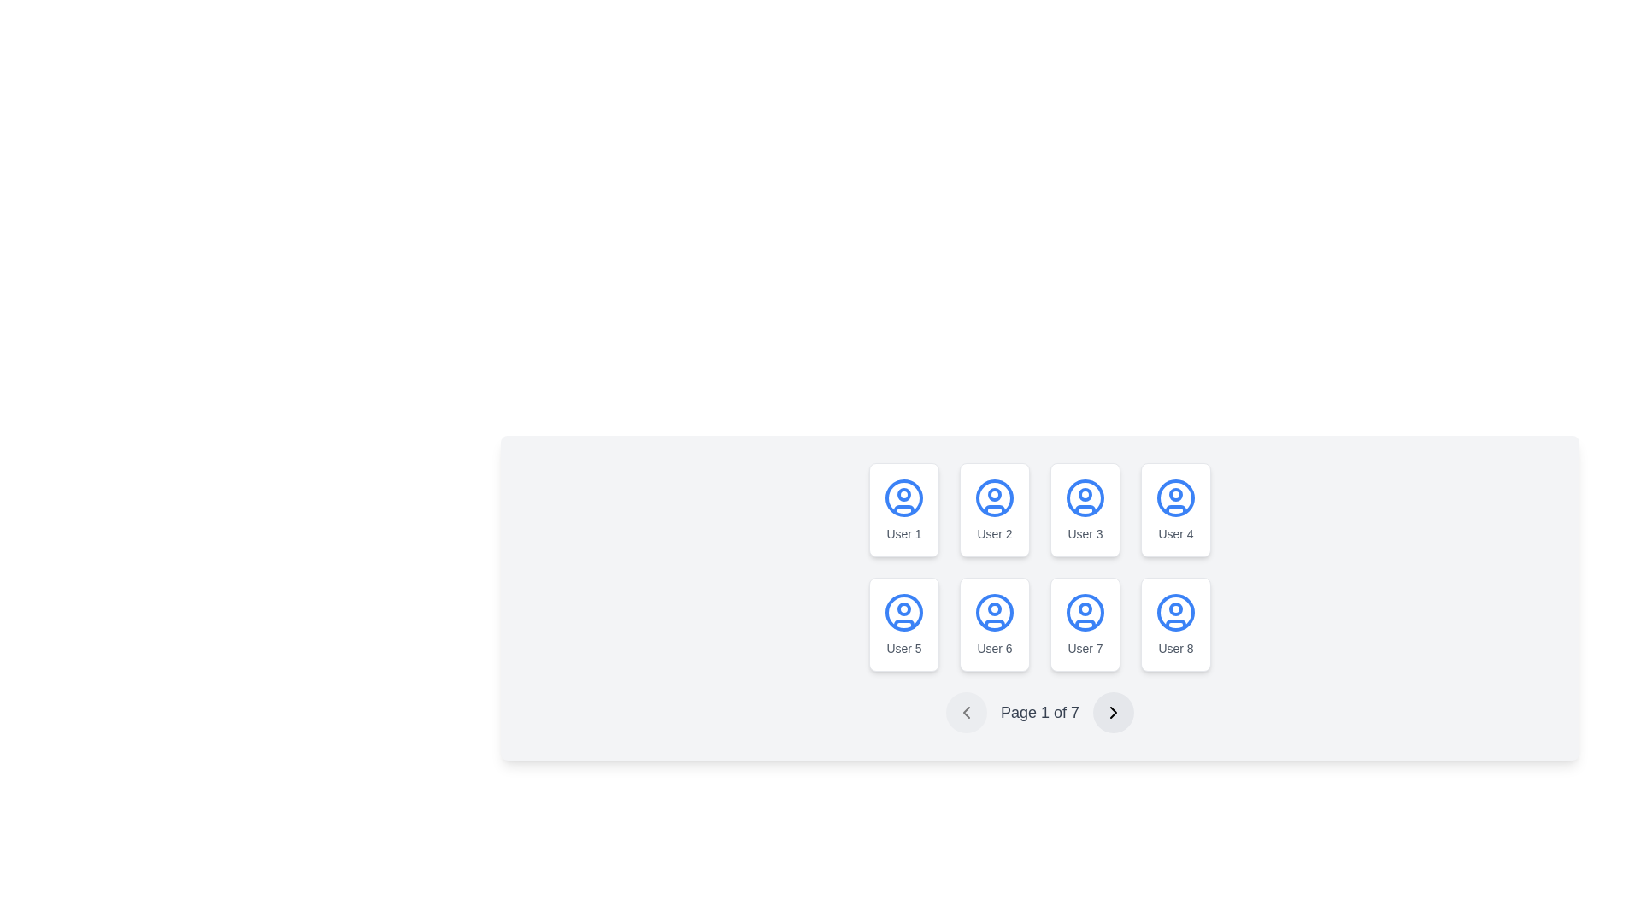 This screenshot has height=923, width=1641. Describe the element at coordinates (966, 712) in the screenshot. I see `the disabled pagination button located at the bottom section of the page, to the left of the text label 'Page 1 of 7'` at that location.